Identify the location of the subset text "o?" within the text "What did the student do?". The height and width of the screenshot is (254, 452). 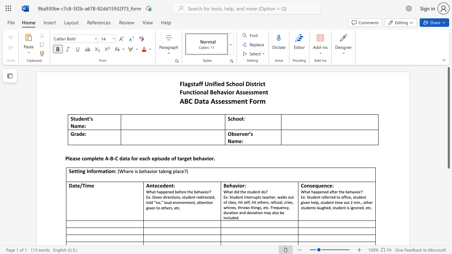
(263, 192).